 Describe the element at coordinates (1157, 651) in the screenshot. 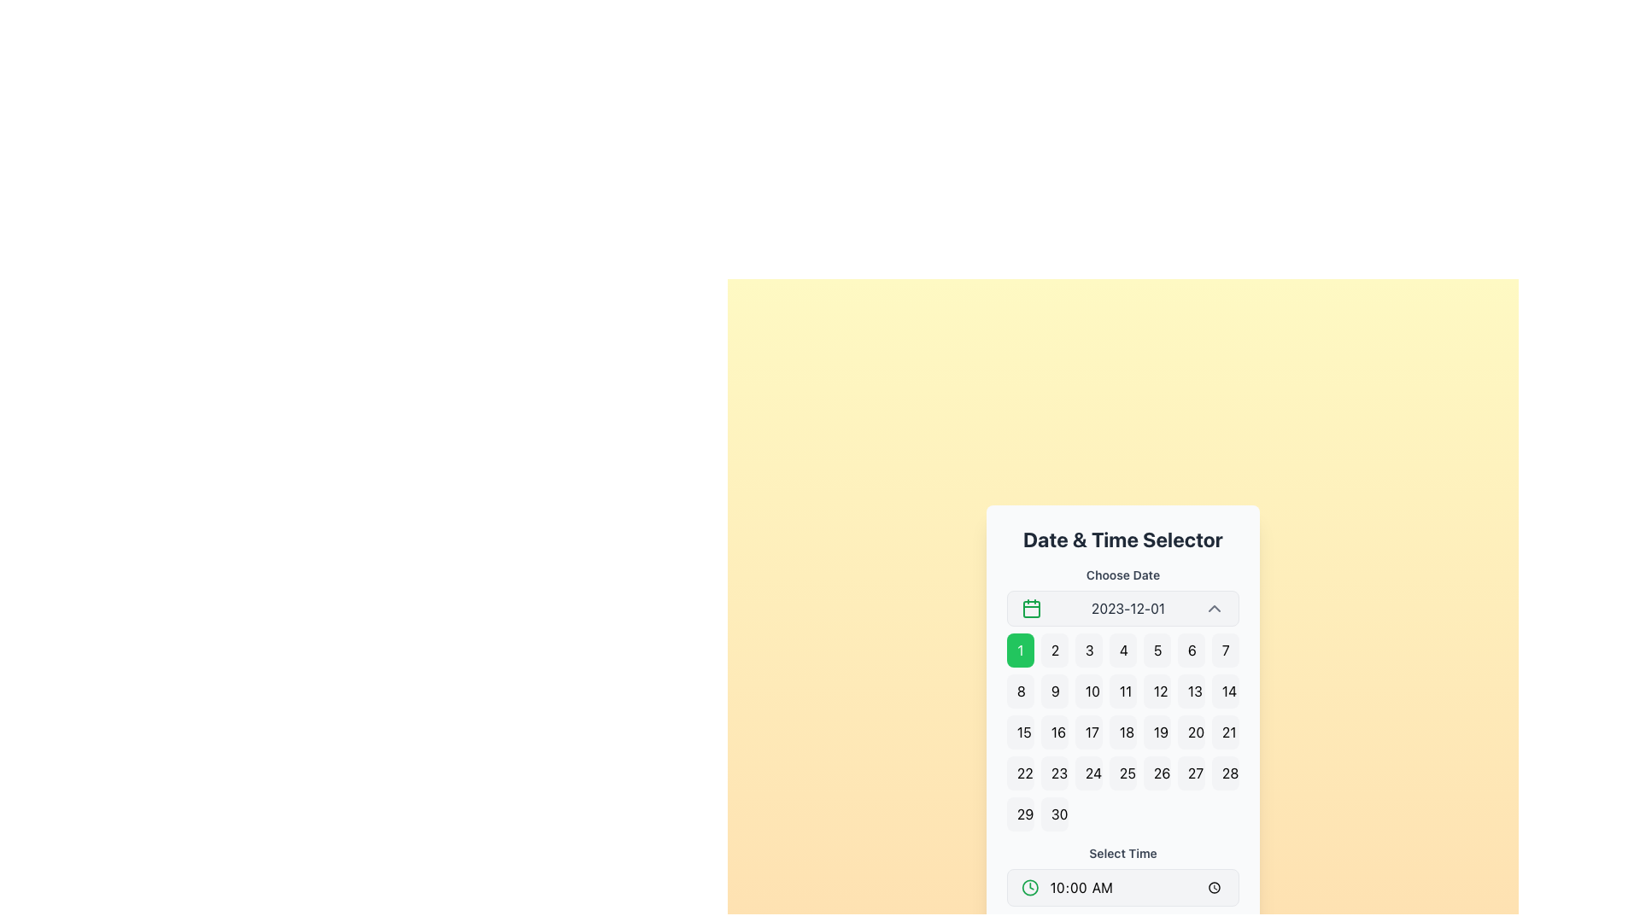

I see `the button displaying the number '5' in a grid layout under the 'Date & Time Selector' heading` at that location.